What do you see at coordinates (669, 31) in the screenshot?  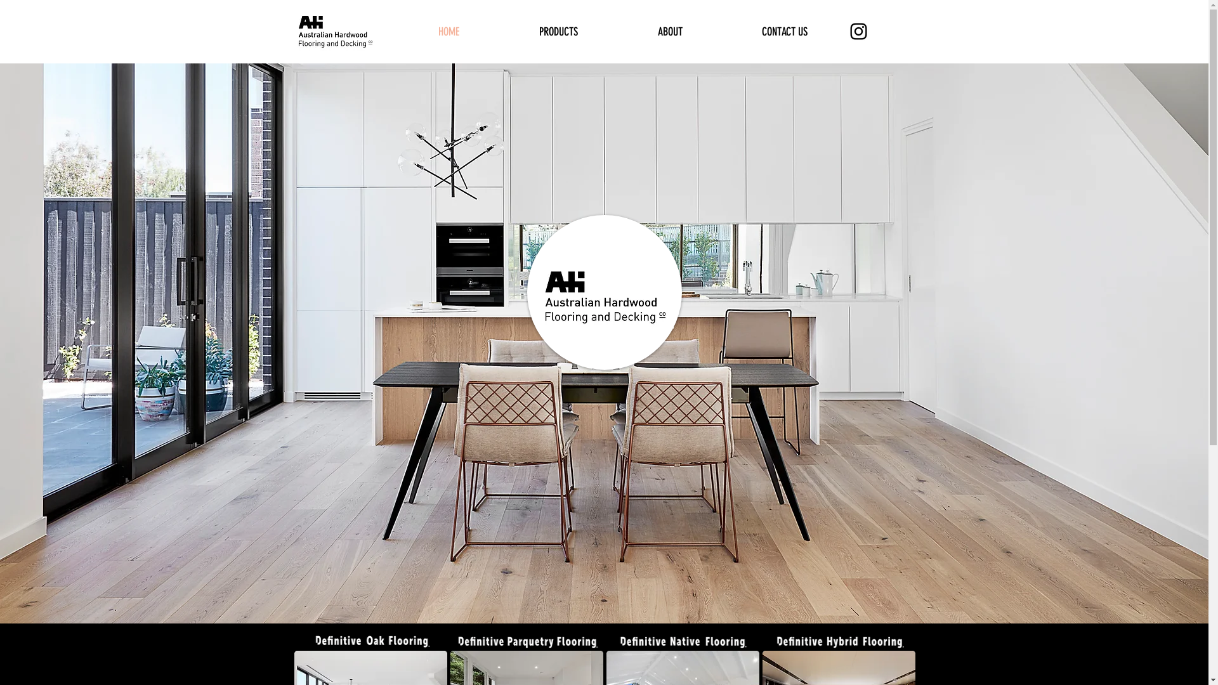 I see `'ABOUT'` at bounding box center [669, 31].